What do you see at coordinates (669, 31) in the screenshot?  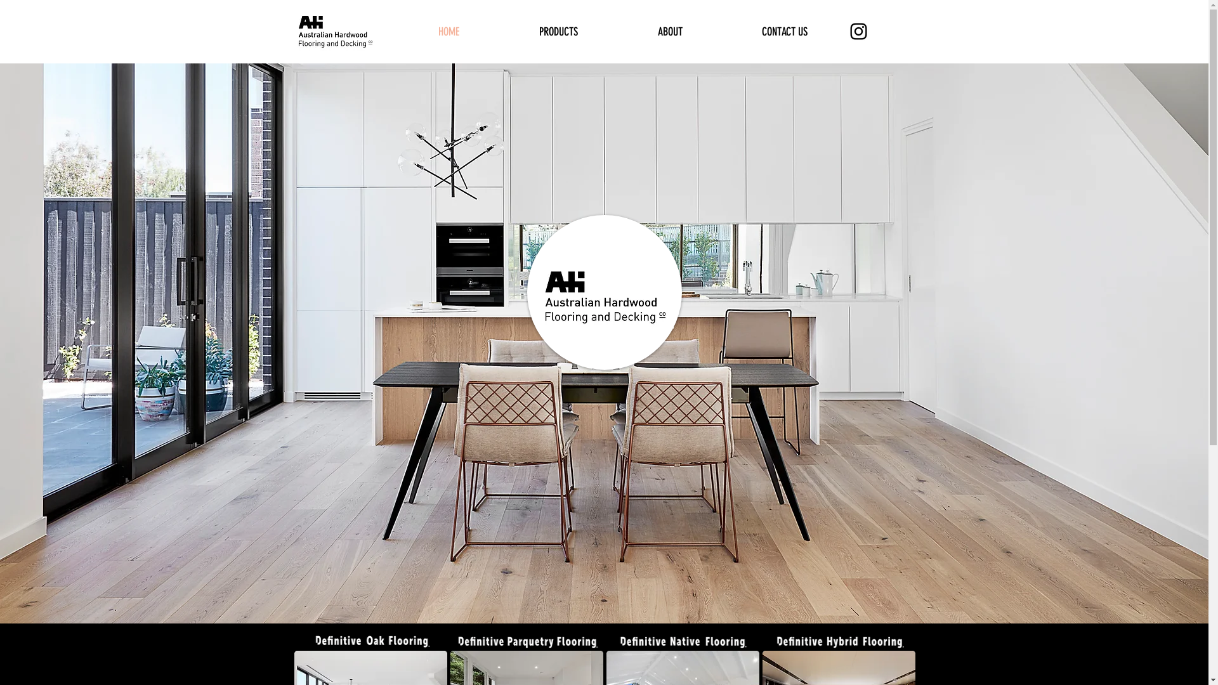 I see `'ABOUT'` at bounding box center [669, 31].